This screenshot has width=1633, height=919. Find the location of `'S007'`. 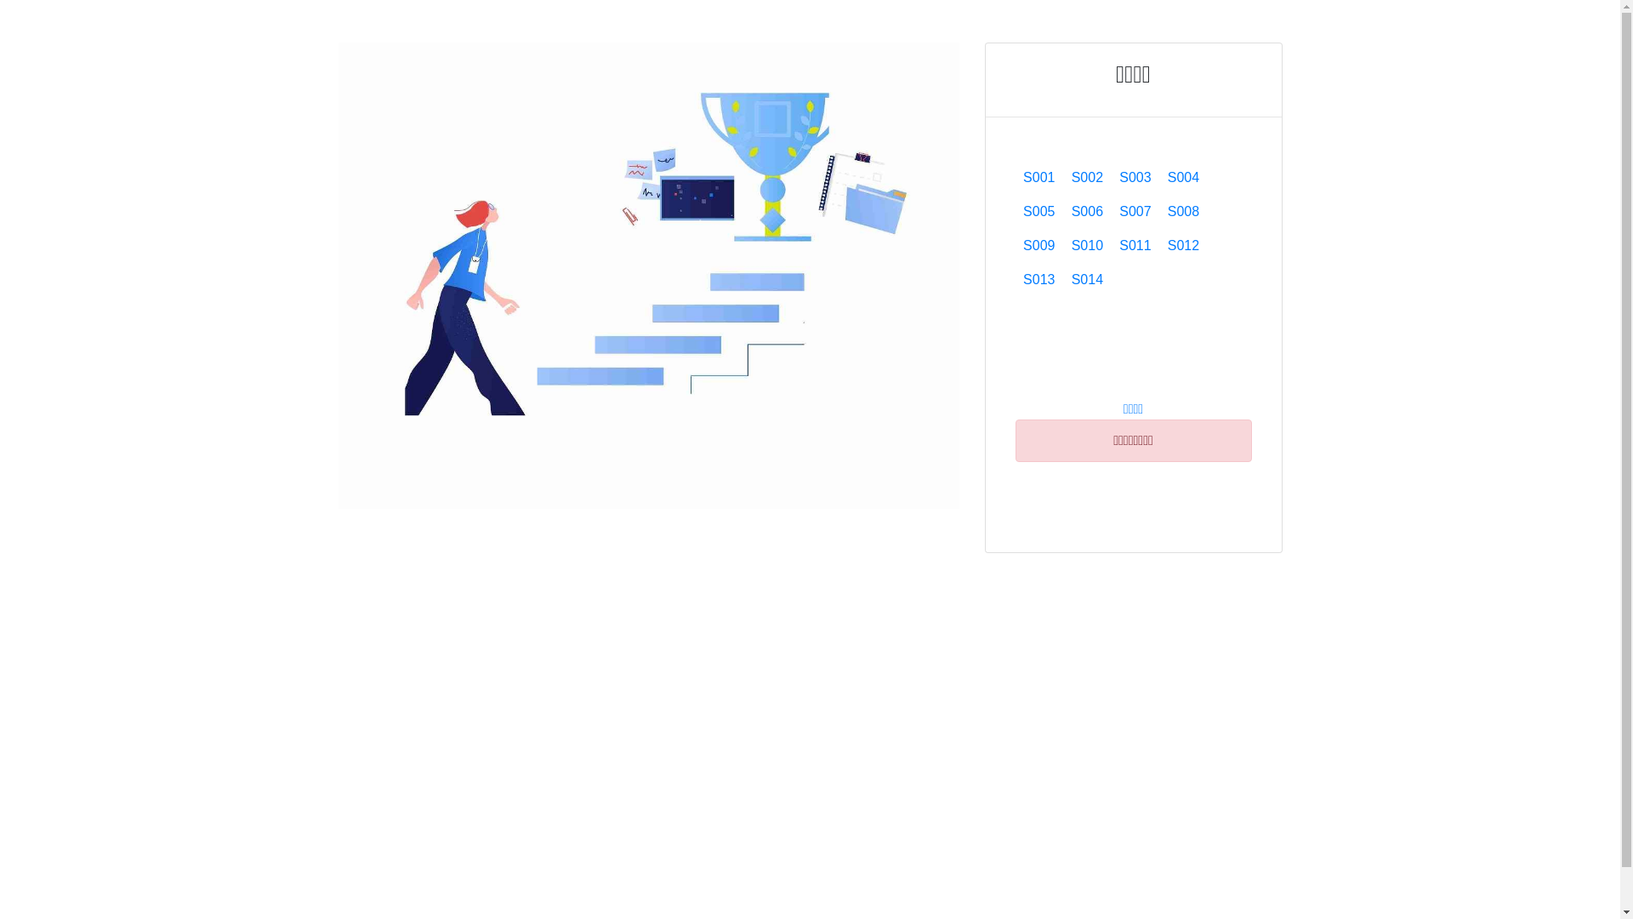

'S007' is located at coordinates (1111, 211).